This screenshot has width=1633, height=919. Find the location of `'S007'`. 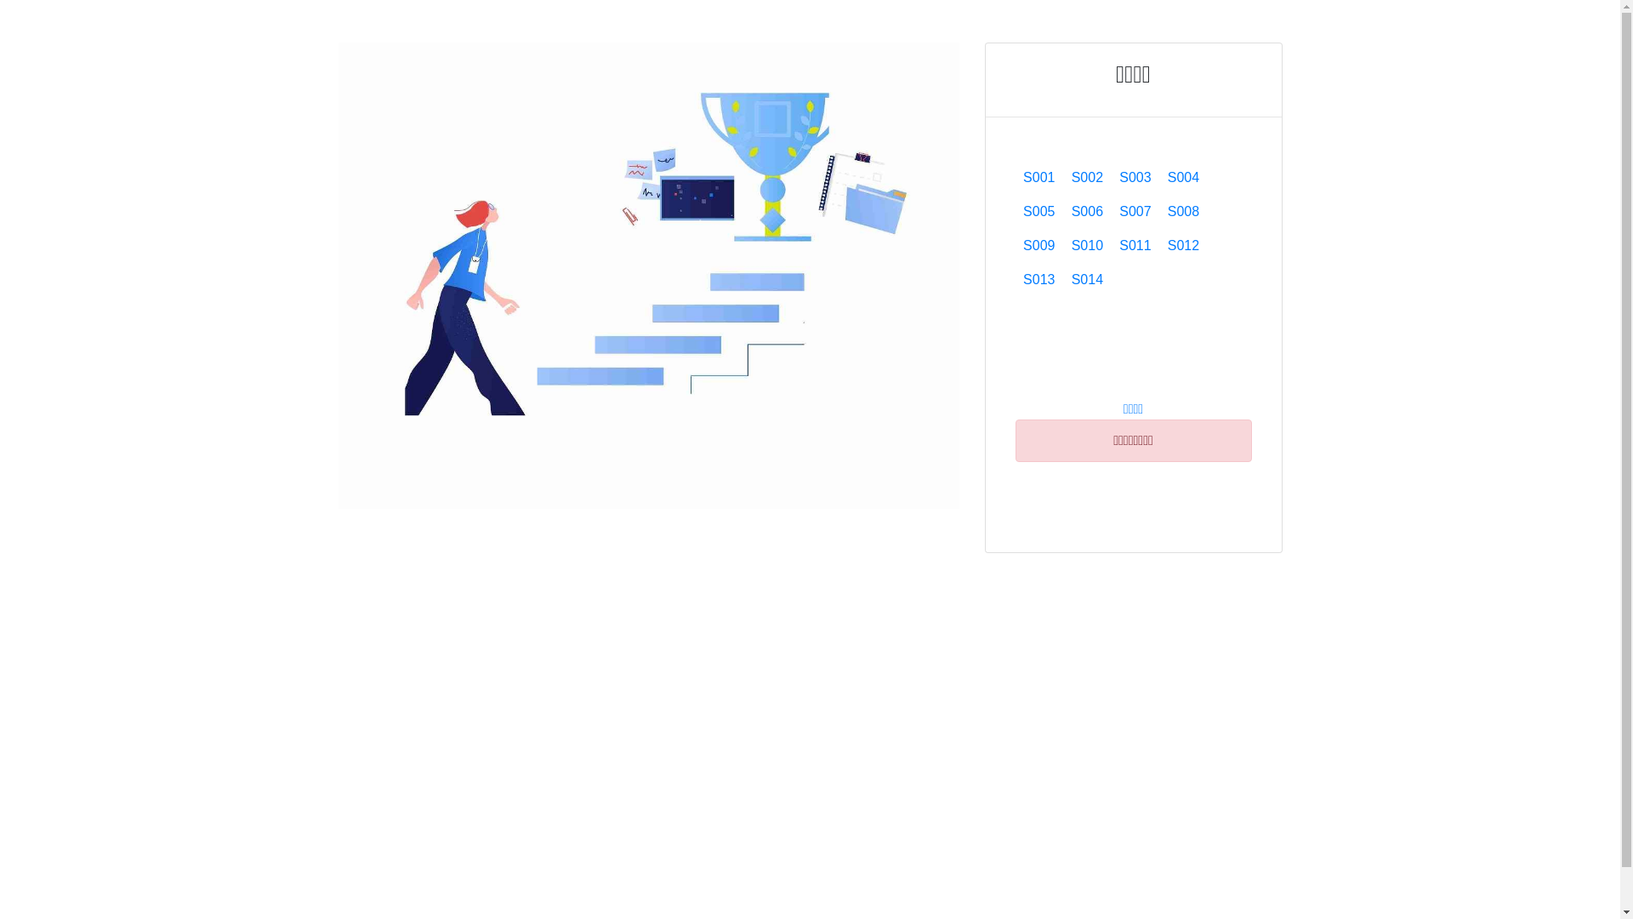

'S007' is located at coordinates (1111, 211).